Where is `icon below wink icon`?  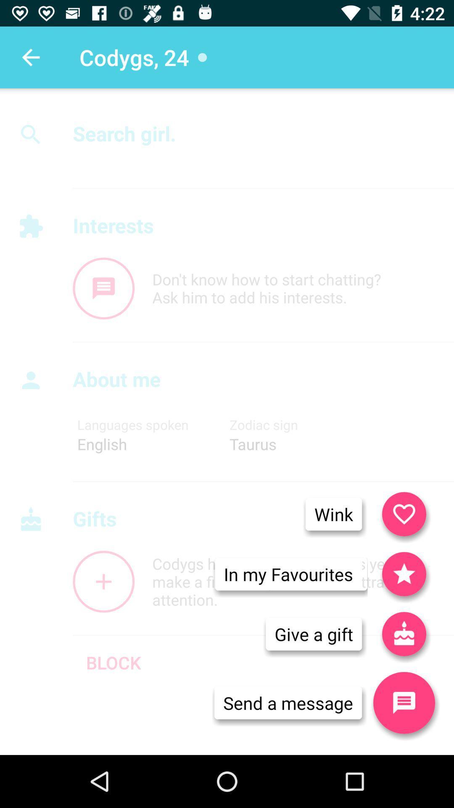 icon below wink icon is located at coordinates (288, 574).